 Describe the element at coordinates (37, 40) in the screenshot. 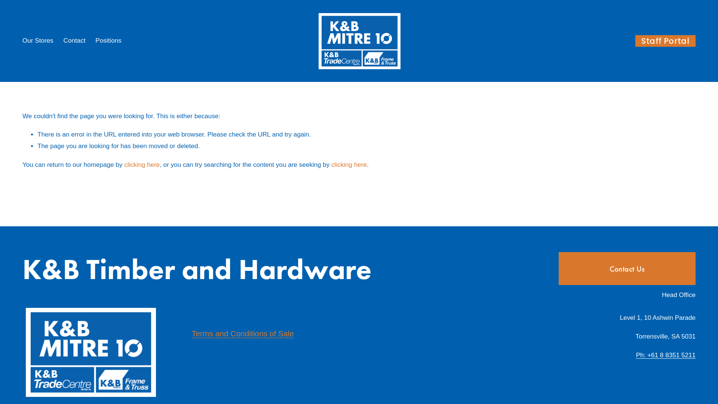

I see `'Our Stores'` at that location.